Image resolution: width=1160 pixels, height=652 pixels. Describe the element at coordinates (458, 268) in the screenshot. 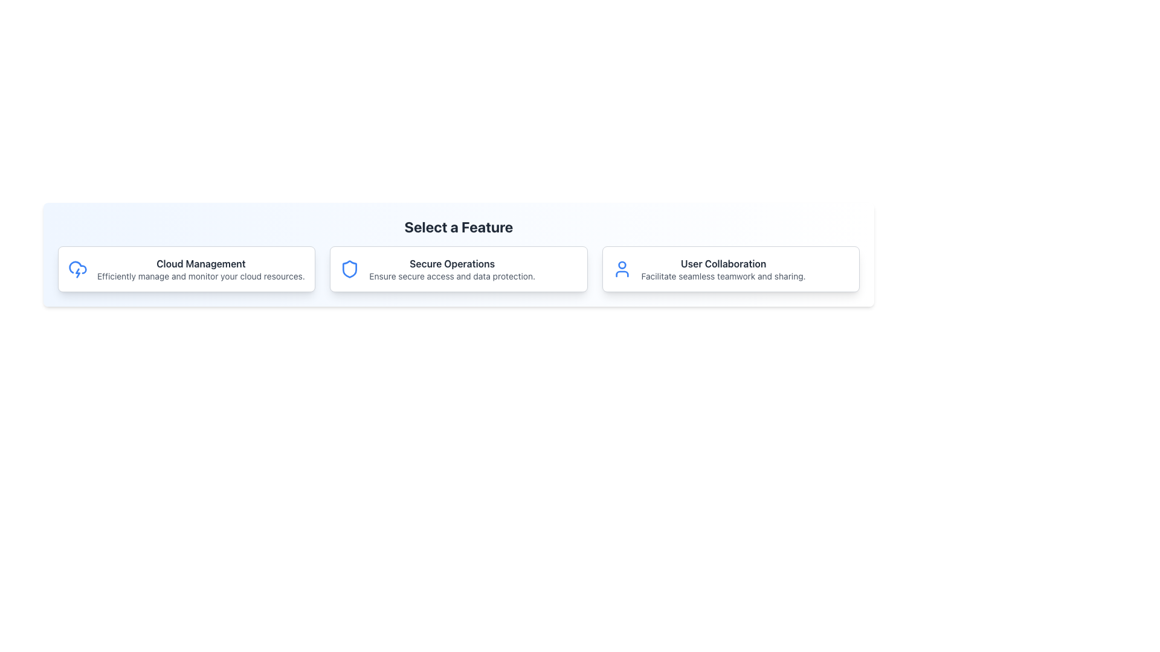

I see `the 'Secure Operations' button, which is the second card from the left, featuring a blue shield icon and two lines of text including 'Secure Operations' in bold` at that location.